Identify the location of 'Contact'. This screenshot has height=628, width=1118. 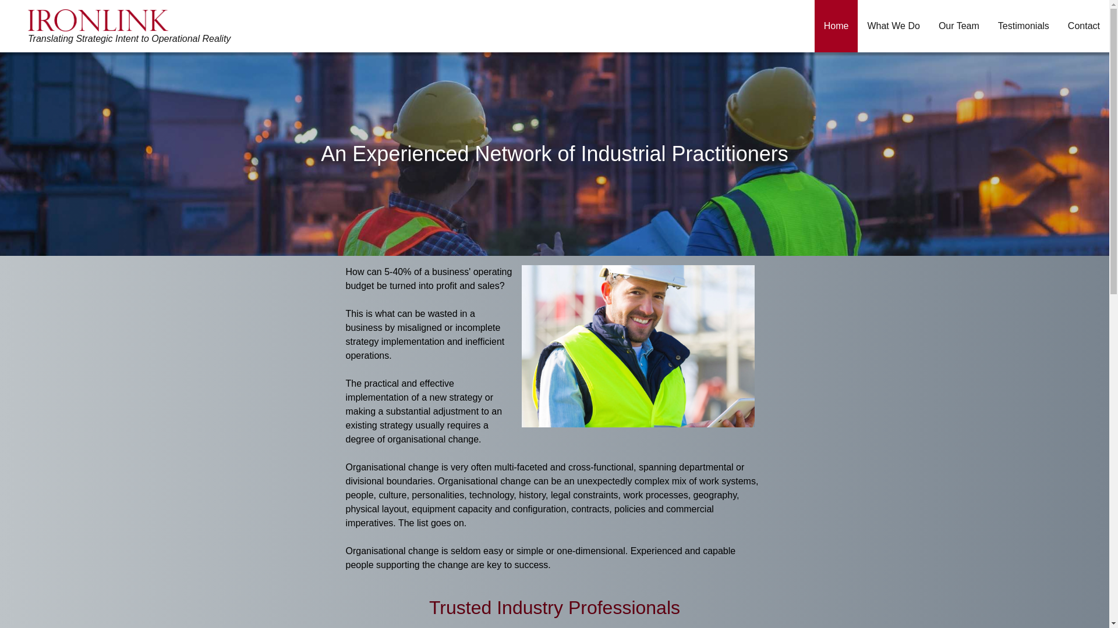
(1083, 26).